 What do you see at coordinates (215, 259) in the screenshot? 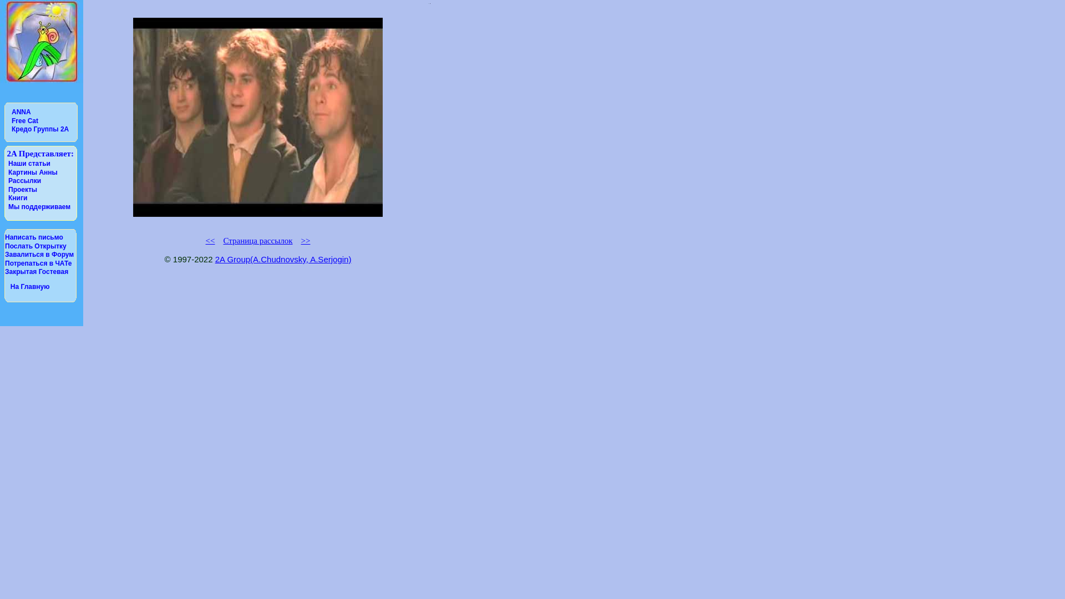
I see `'2A Group(A.Chudnovsky, A.Serjogin)'` at bounding box center [215, 259].